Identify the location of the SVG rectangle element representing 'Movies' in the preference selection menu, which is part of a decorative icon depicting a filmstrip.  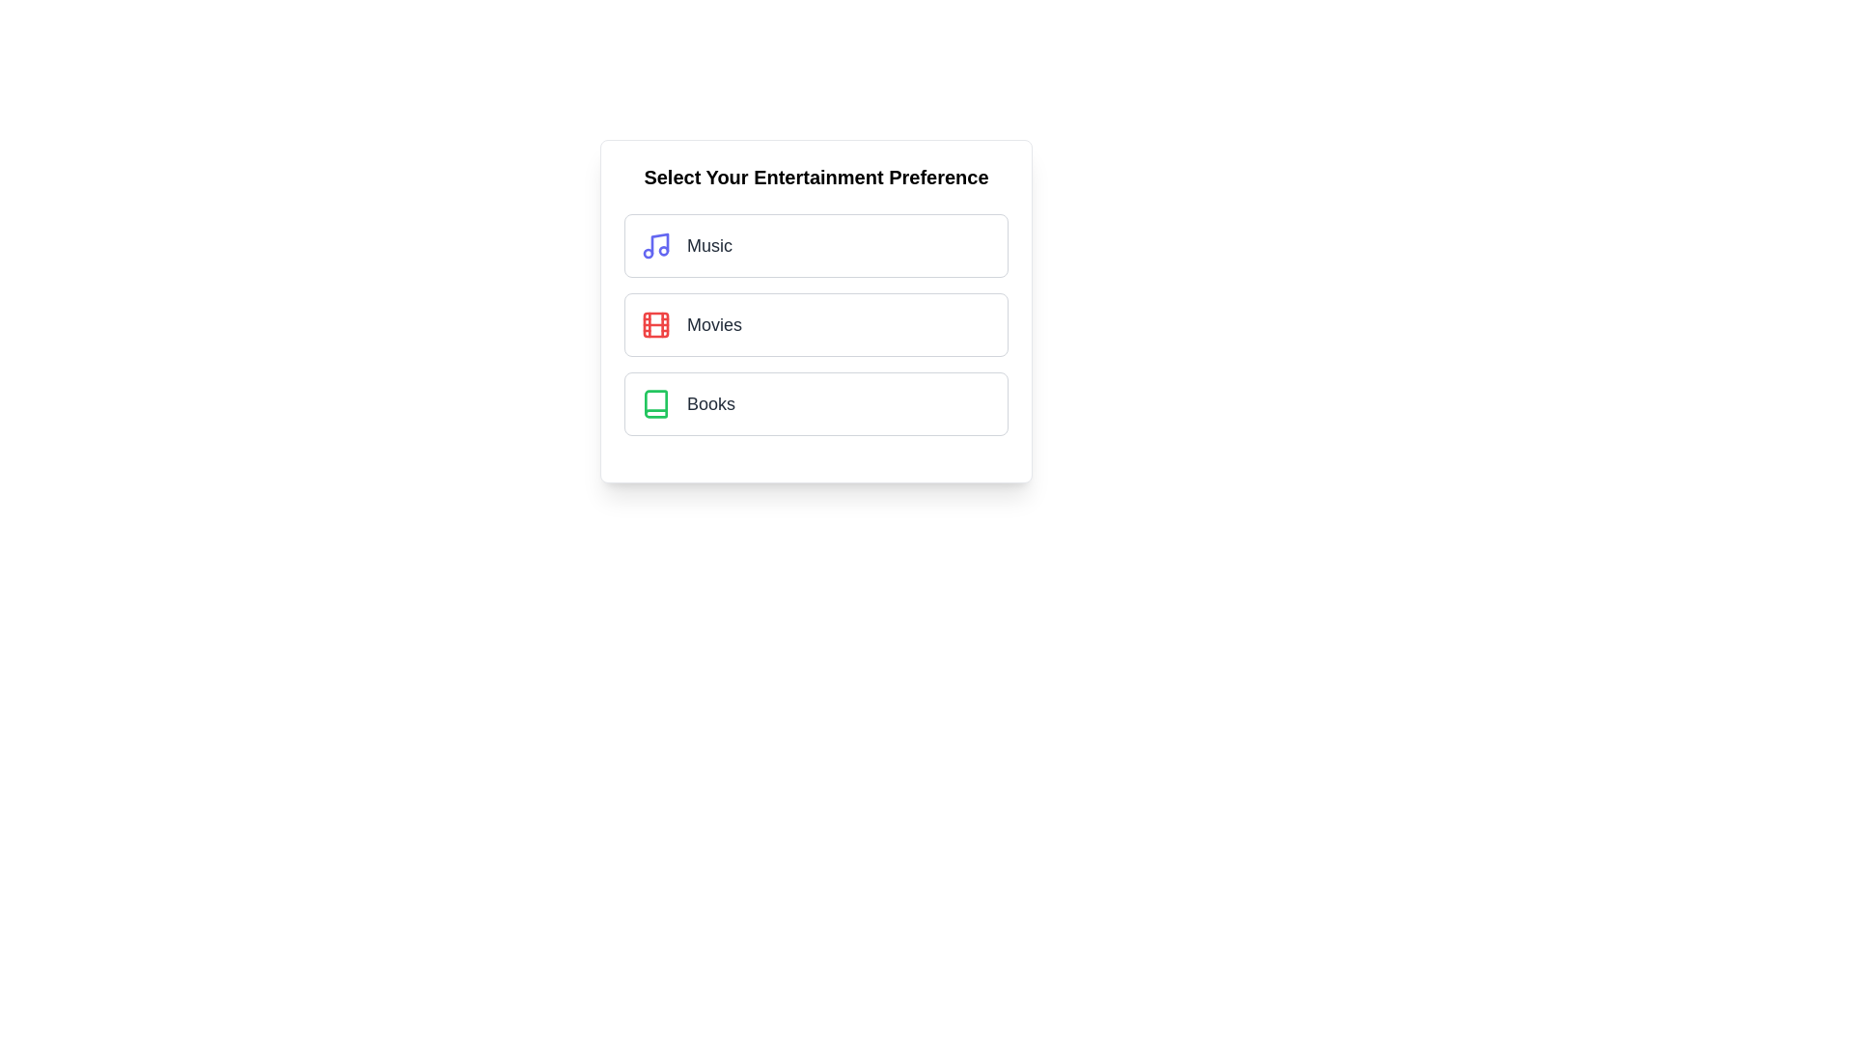
(656, 323).